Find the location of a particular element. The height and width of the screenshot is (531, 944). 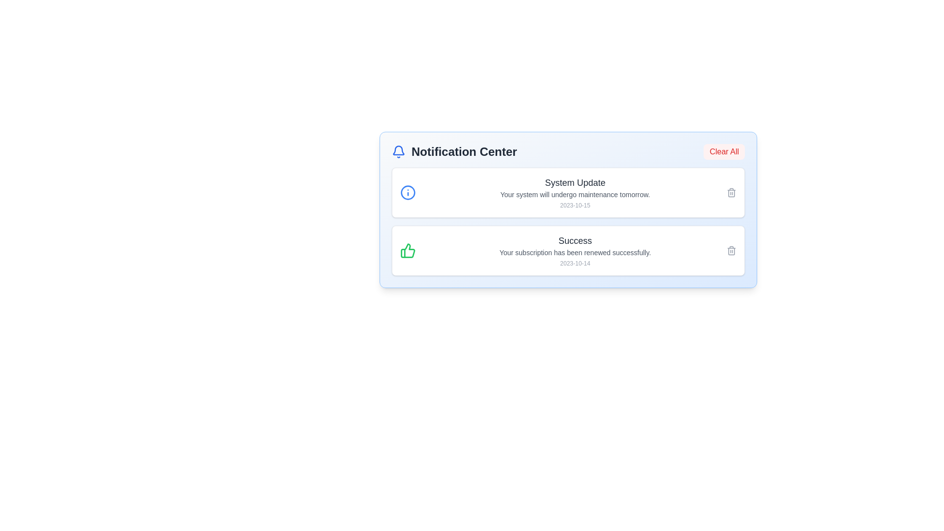

the bell area of the notification icon, which is part of the Notification Center header section, located to the left of the Notification Center text label is located at coordinates (399, 150).